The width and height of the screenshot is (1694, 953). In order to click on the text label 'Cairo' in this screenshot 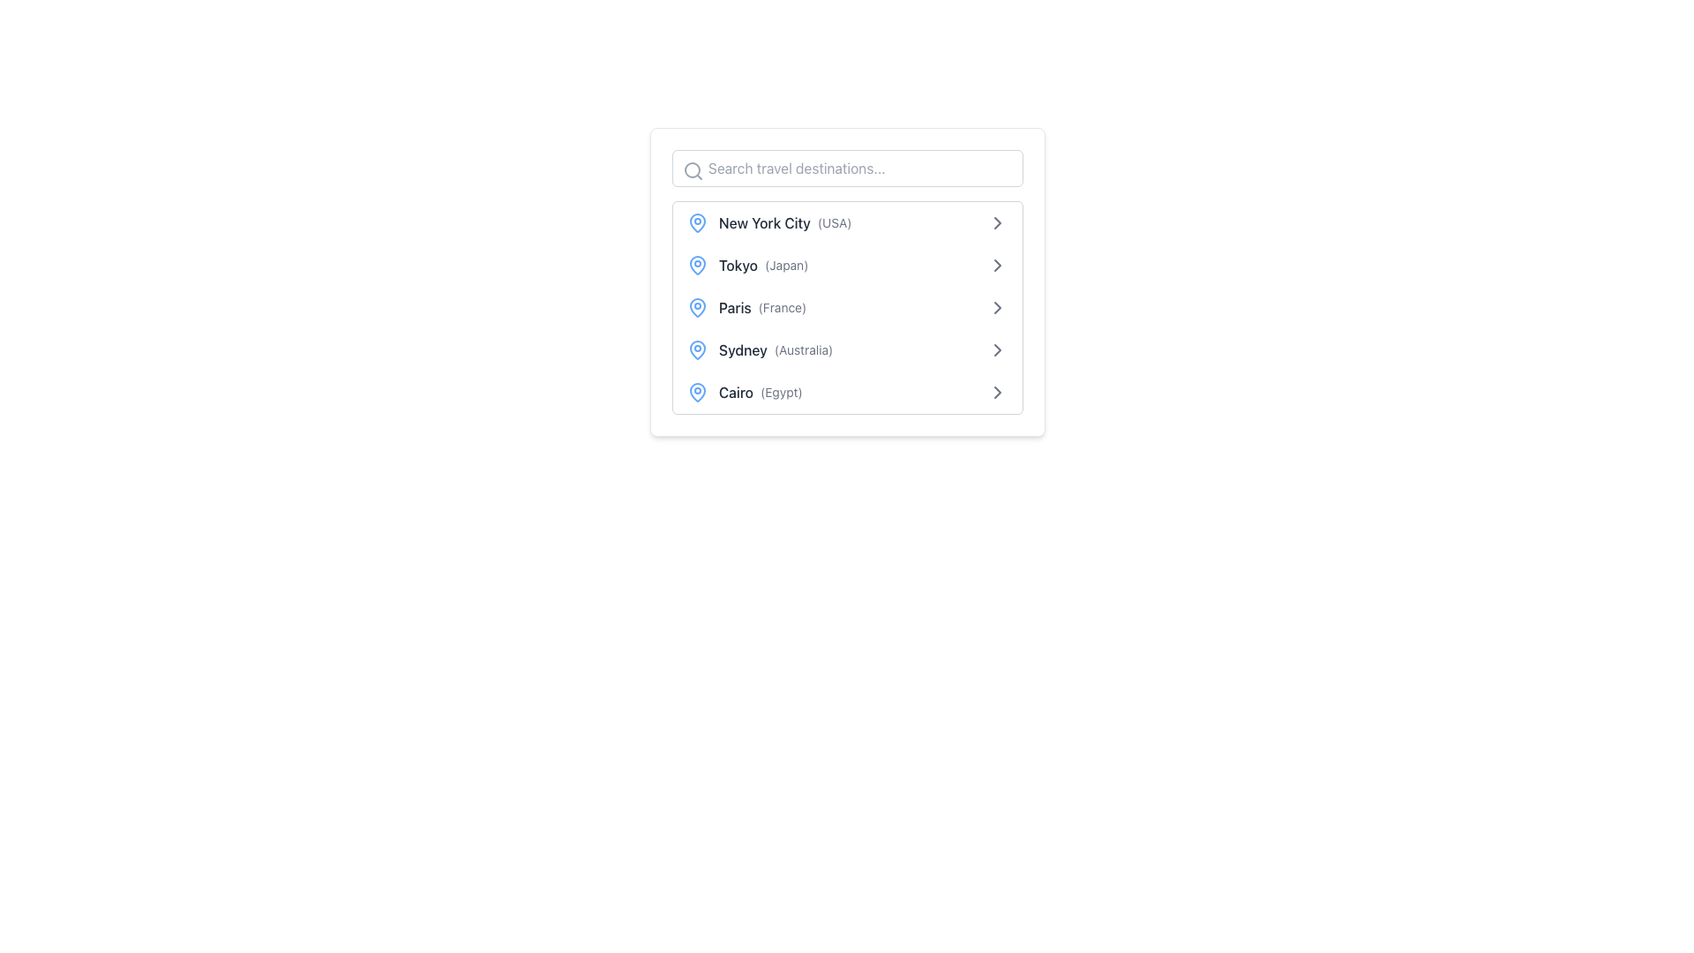, I will do `click(745, 391)`.